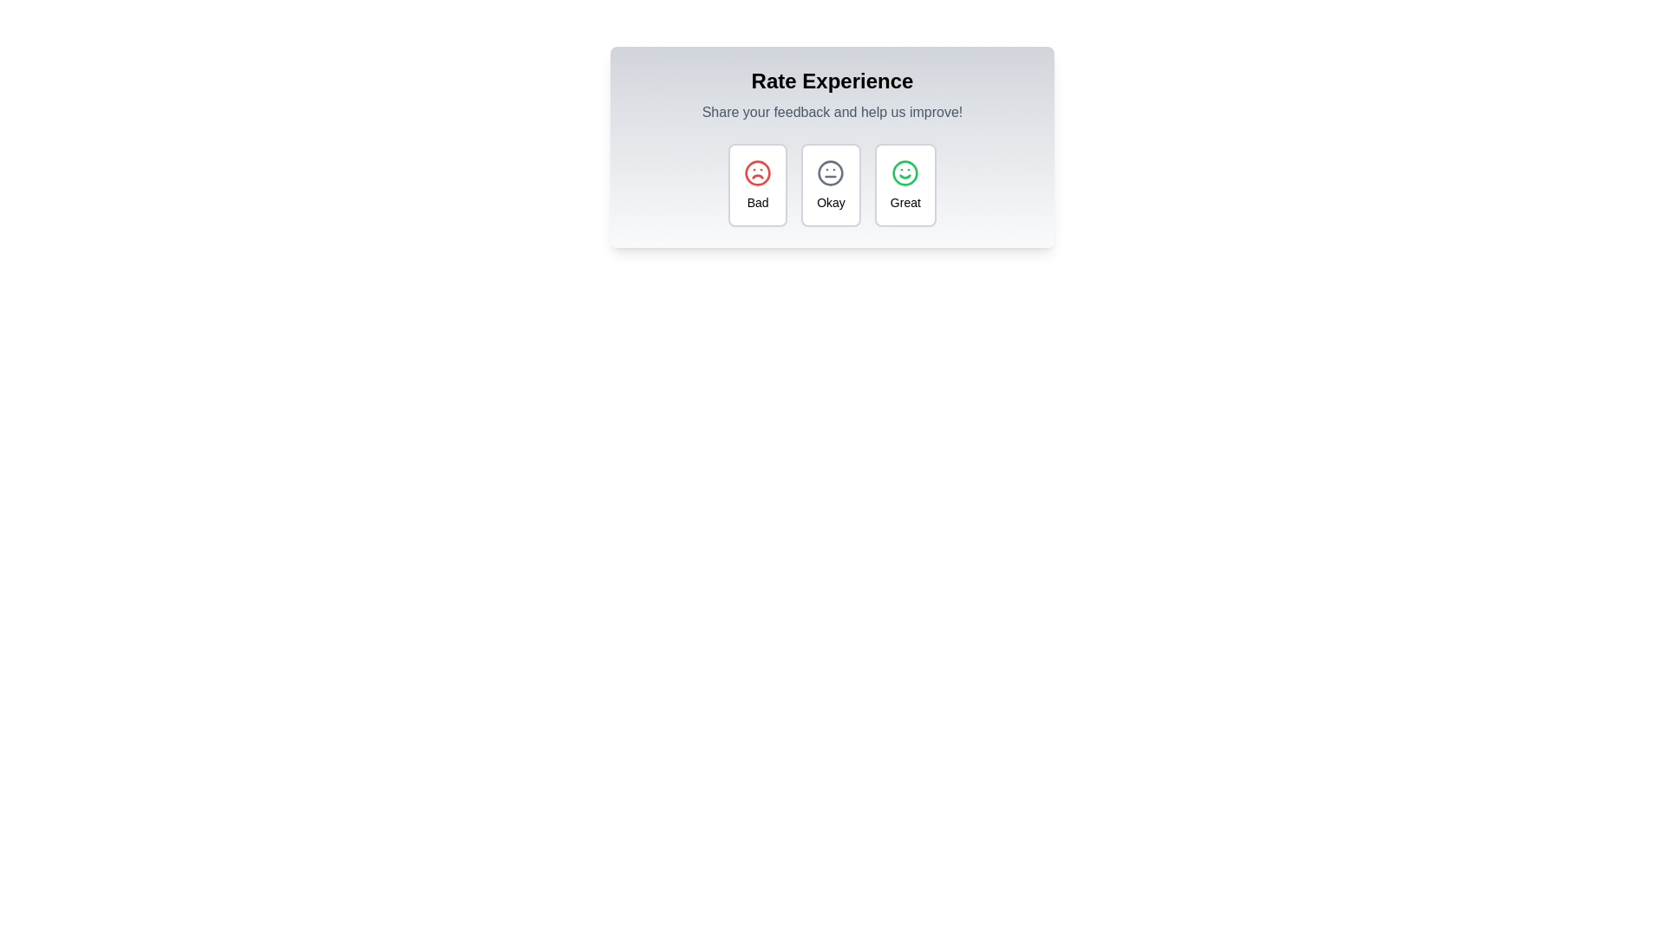  Describe the element at coordinates (758, 173) in the screenshot. I see `the 'Bad' feedback icon, which is the leftmost option in the feedback row below the 'Rate Experience' heading, to understand its message of dissatisfaction` at that location.